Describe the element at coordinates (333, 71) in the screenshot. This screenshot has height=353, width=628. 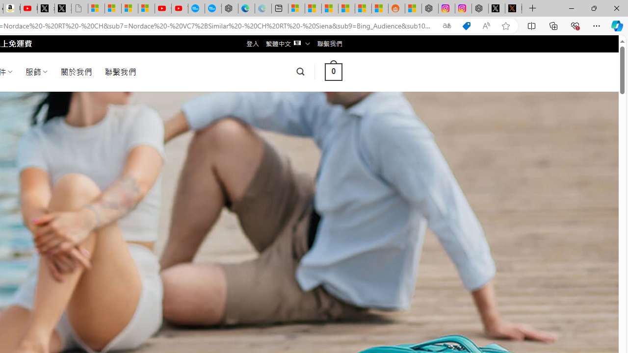
I see `' 0 '` at that location.